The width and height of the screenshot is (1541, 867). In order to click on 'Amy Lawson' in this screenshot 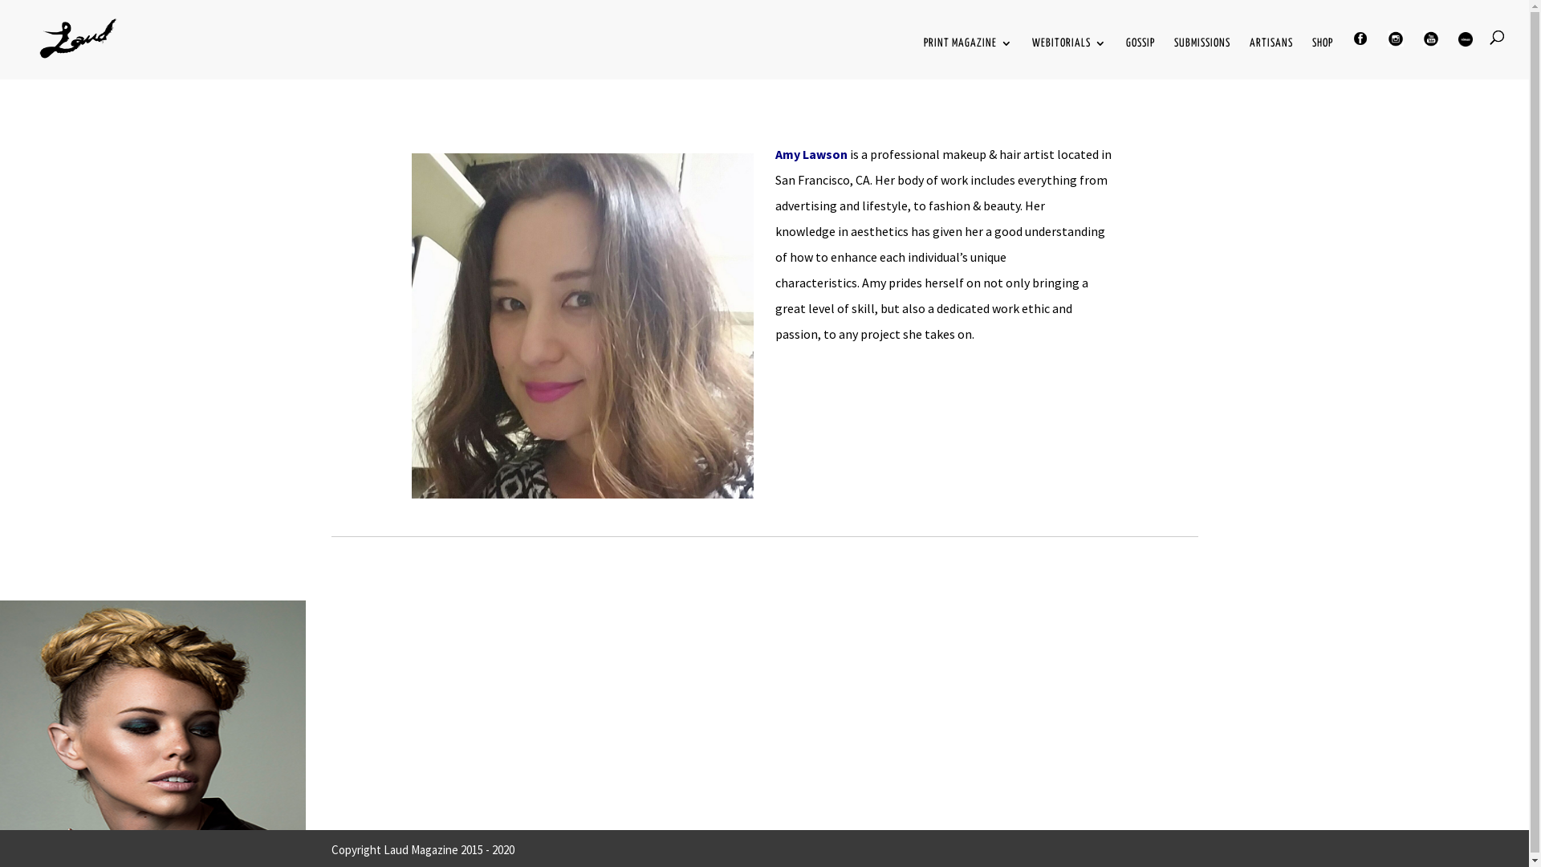, I will do `click(812, 154)`.